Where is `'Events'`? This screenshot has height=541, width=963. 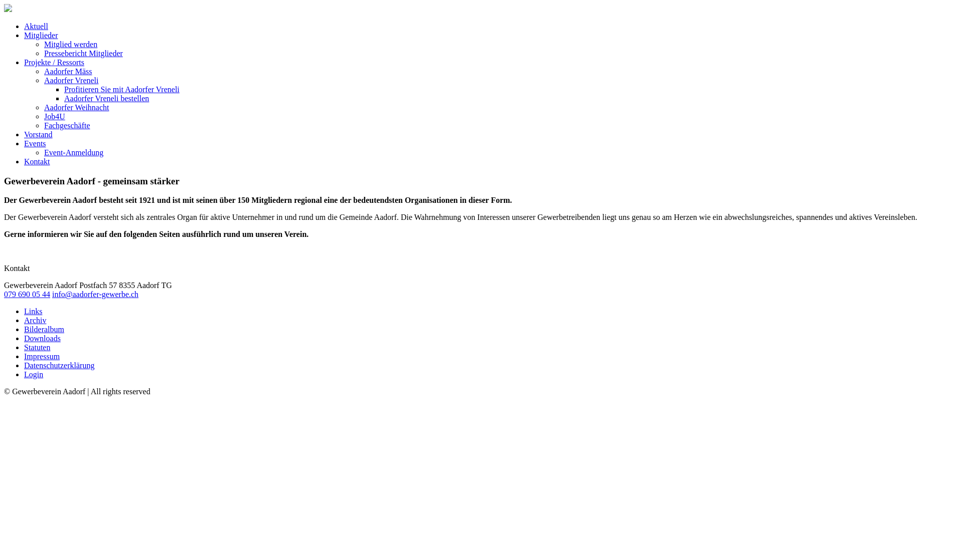
'Events' is located at coordinates (24, 143).